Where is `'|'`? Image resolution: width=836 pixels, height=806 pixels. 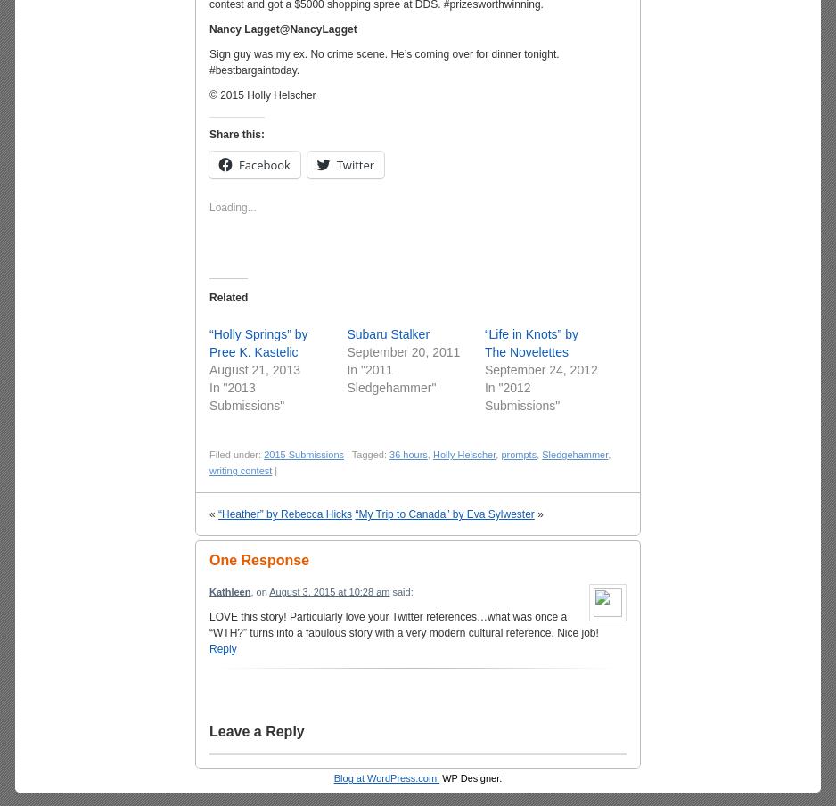 '|' is located at coordinates (274, 471).